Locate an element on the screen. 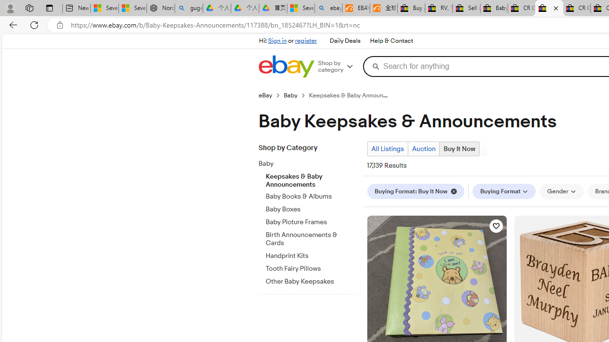 Image resolution: width=609 pixels, height=342 pixels. 'Buy It Now Current view' is located at coordinates (459, 149).